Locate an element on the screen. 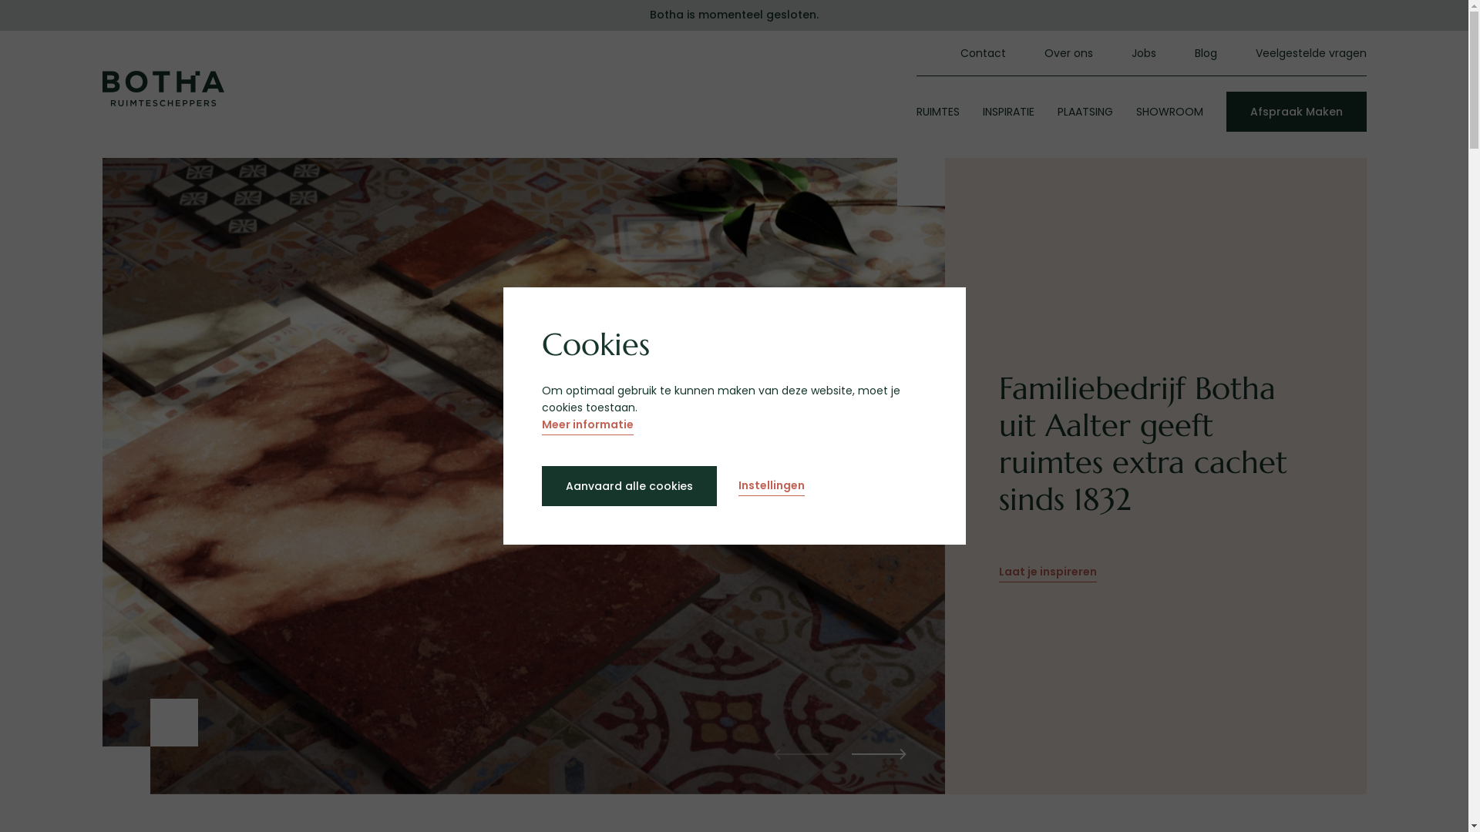  'Afspraak Maken' is located at coordinates (1224, 111).